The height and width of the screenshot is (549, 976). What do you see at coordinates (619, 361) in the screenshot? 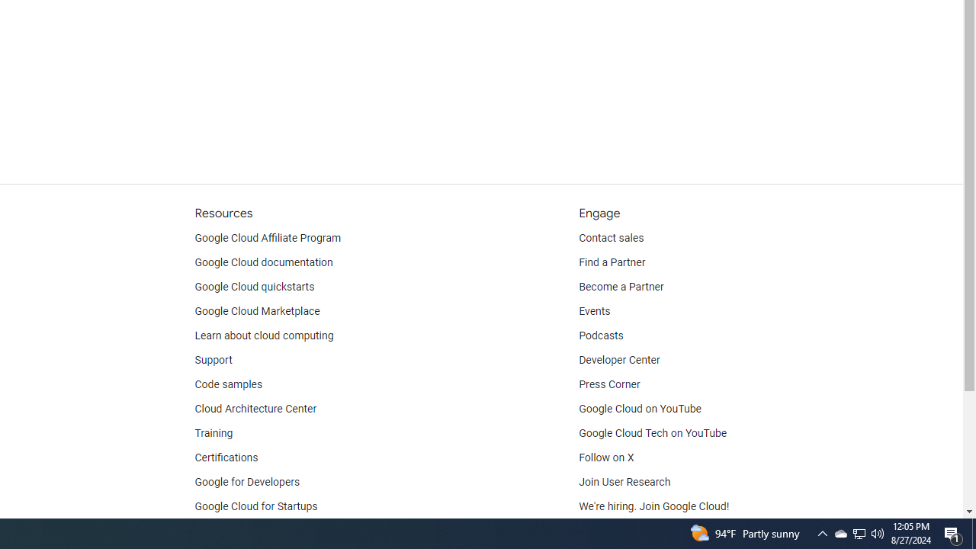
I see `'Developer Center'` at bounding box center [619, 361].